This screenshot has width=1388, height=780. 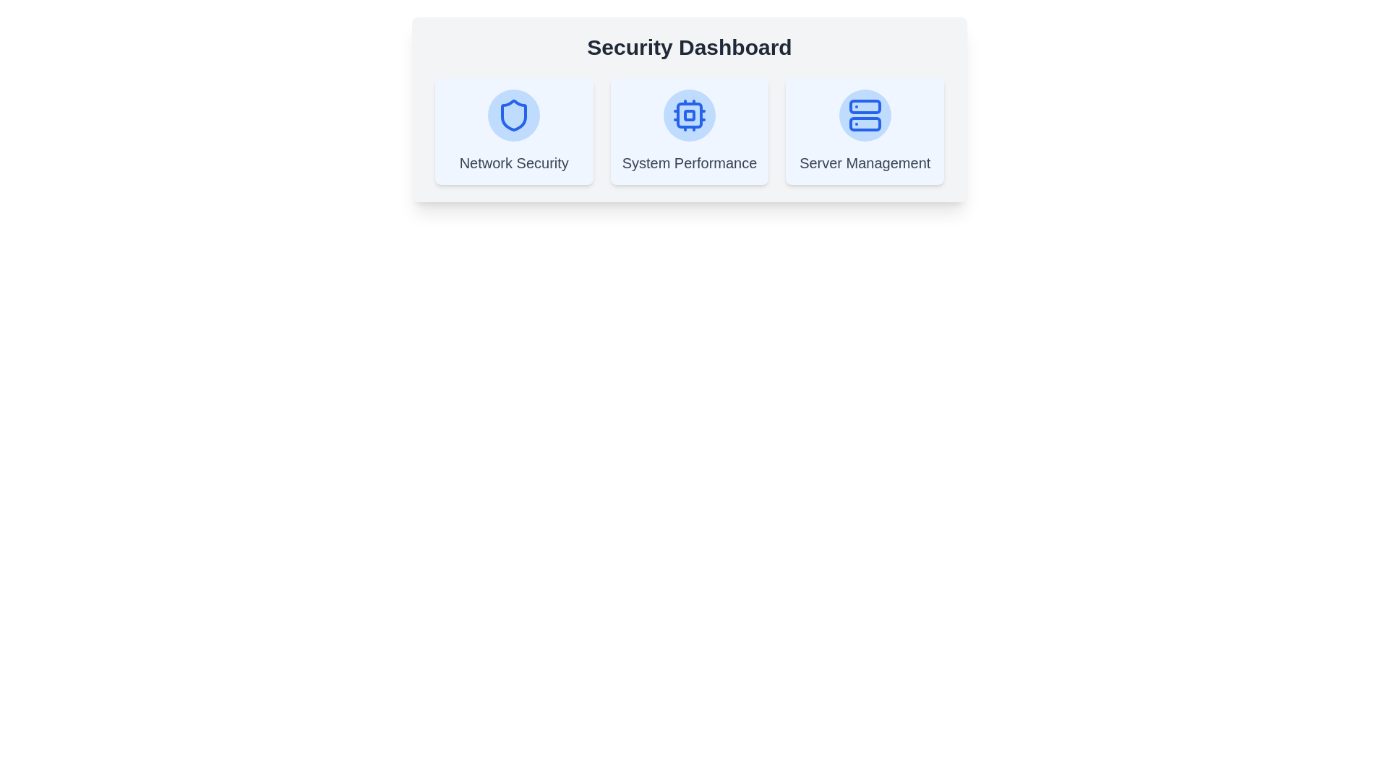 What do you see at coordinates (865, 131) in the screenshot?
I see `the 'Server Management' card` at bounding box center [865, 131].